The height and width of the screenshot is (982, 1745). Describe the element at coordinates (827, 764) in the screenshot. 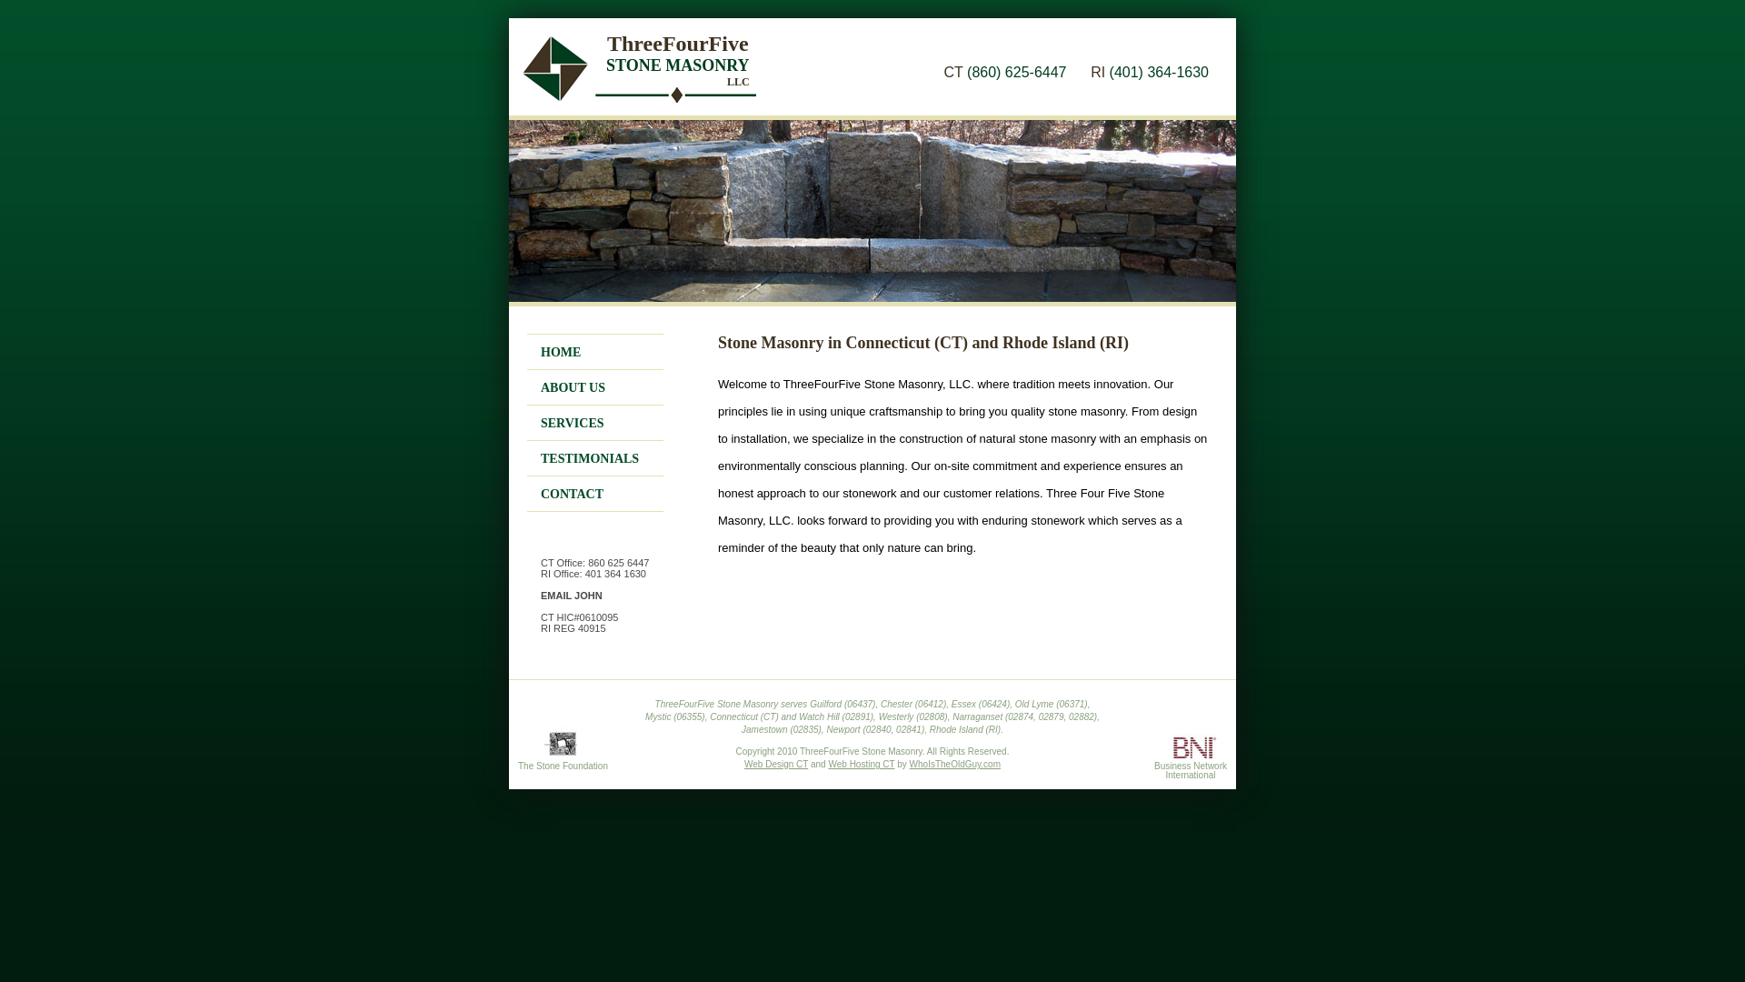

I see `'Web Hosting CT'` at that location.